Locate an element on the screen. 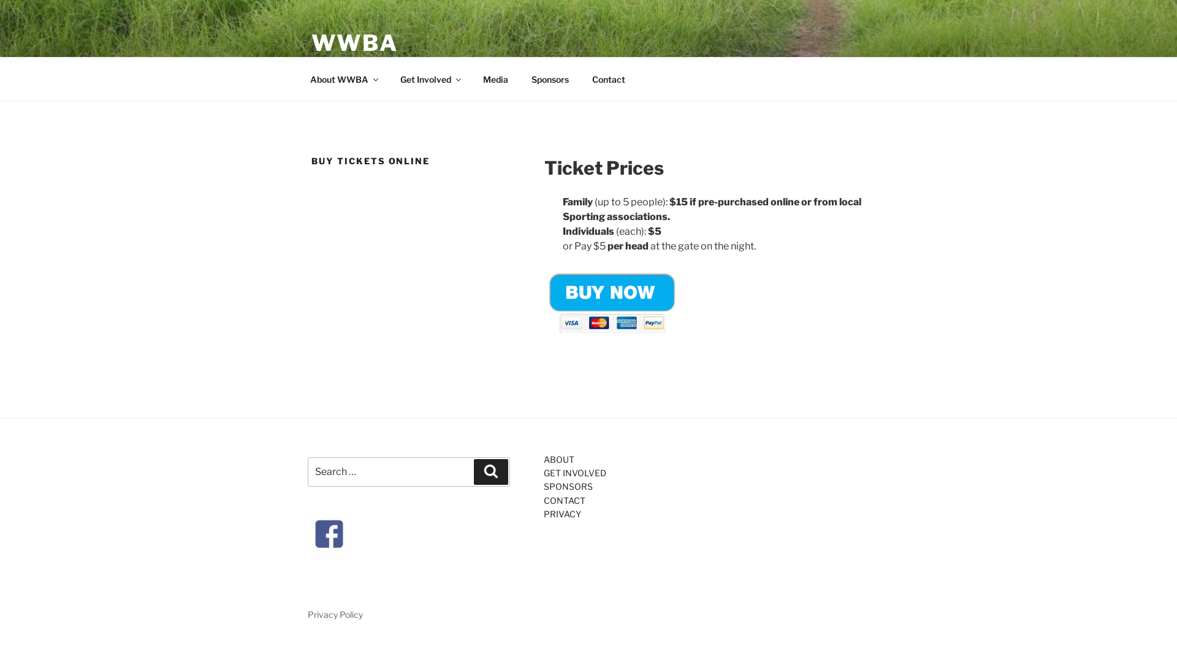 Image resolution: width=1177 pixels, height=662 pixels. 'Search' is located at coordinates (491, 470).